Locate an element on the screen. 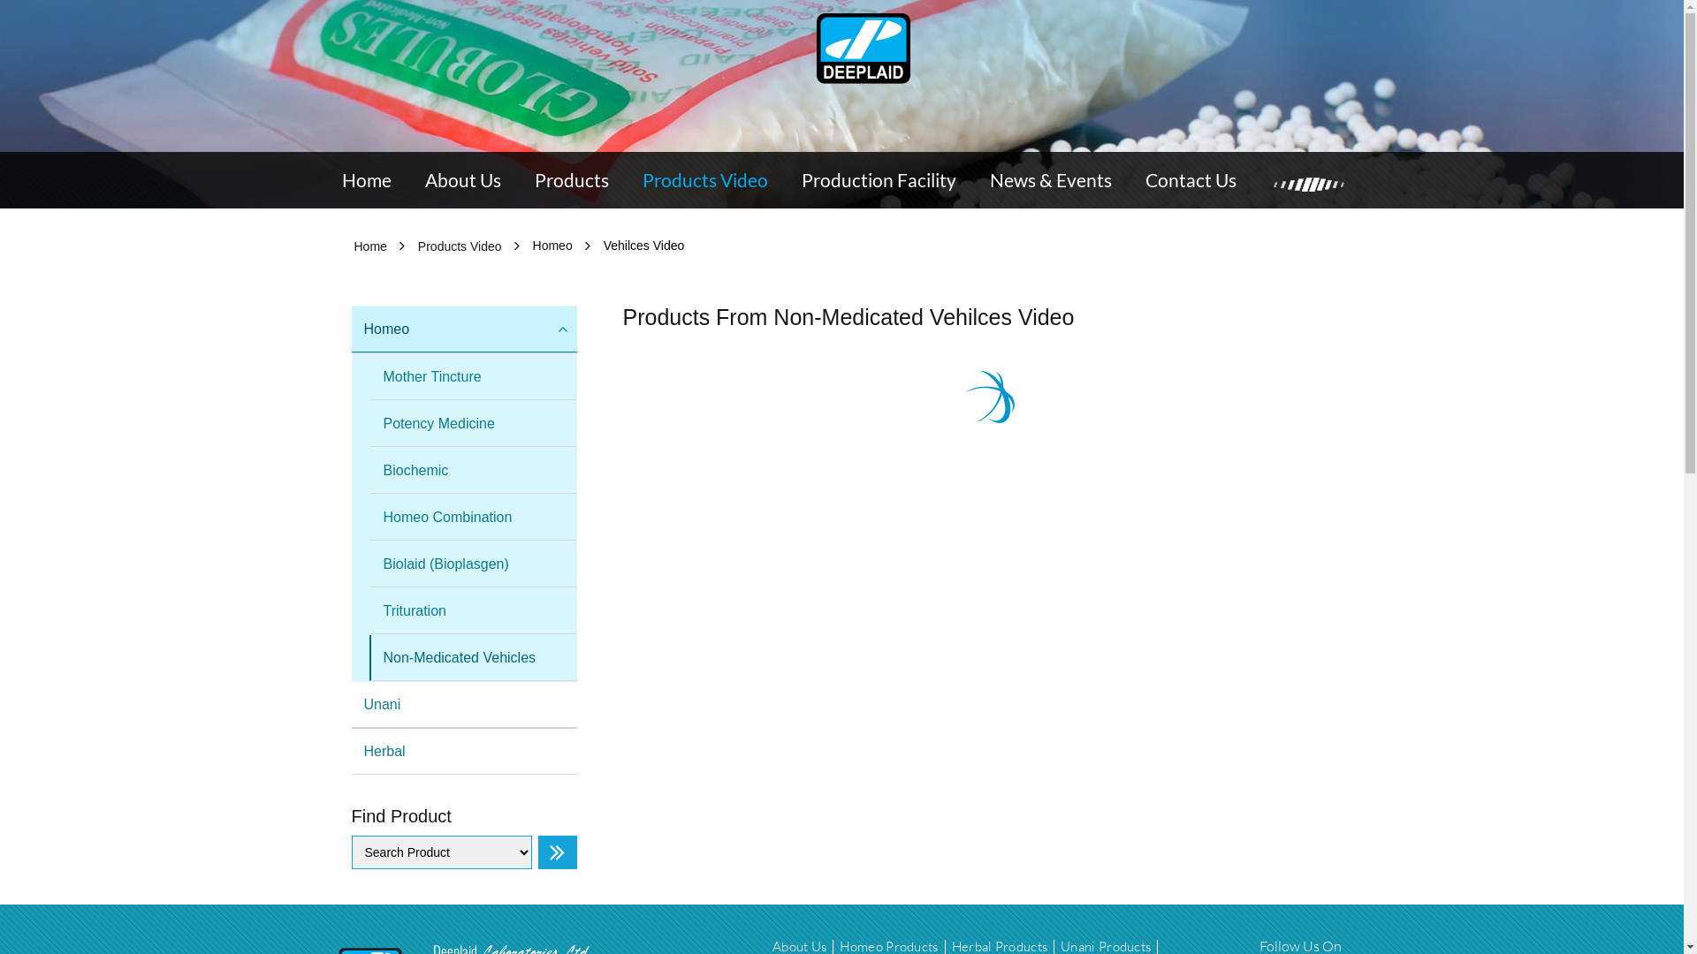  'News & Events' is located at coordinates (1051, 180).